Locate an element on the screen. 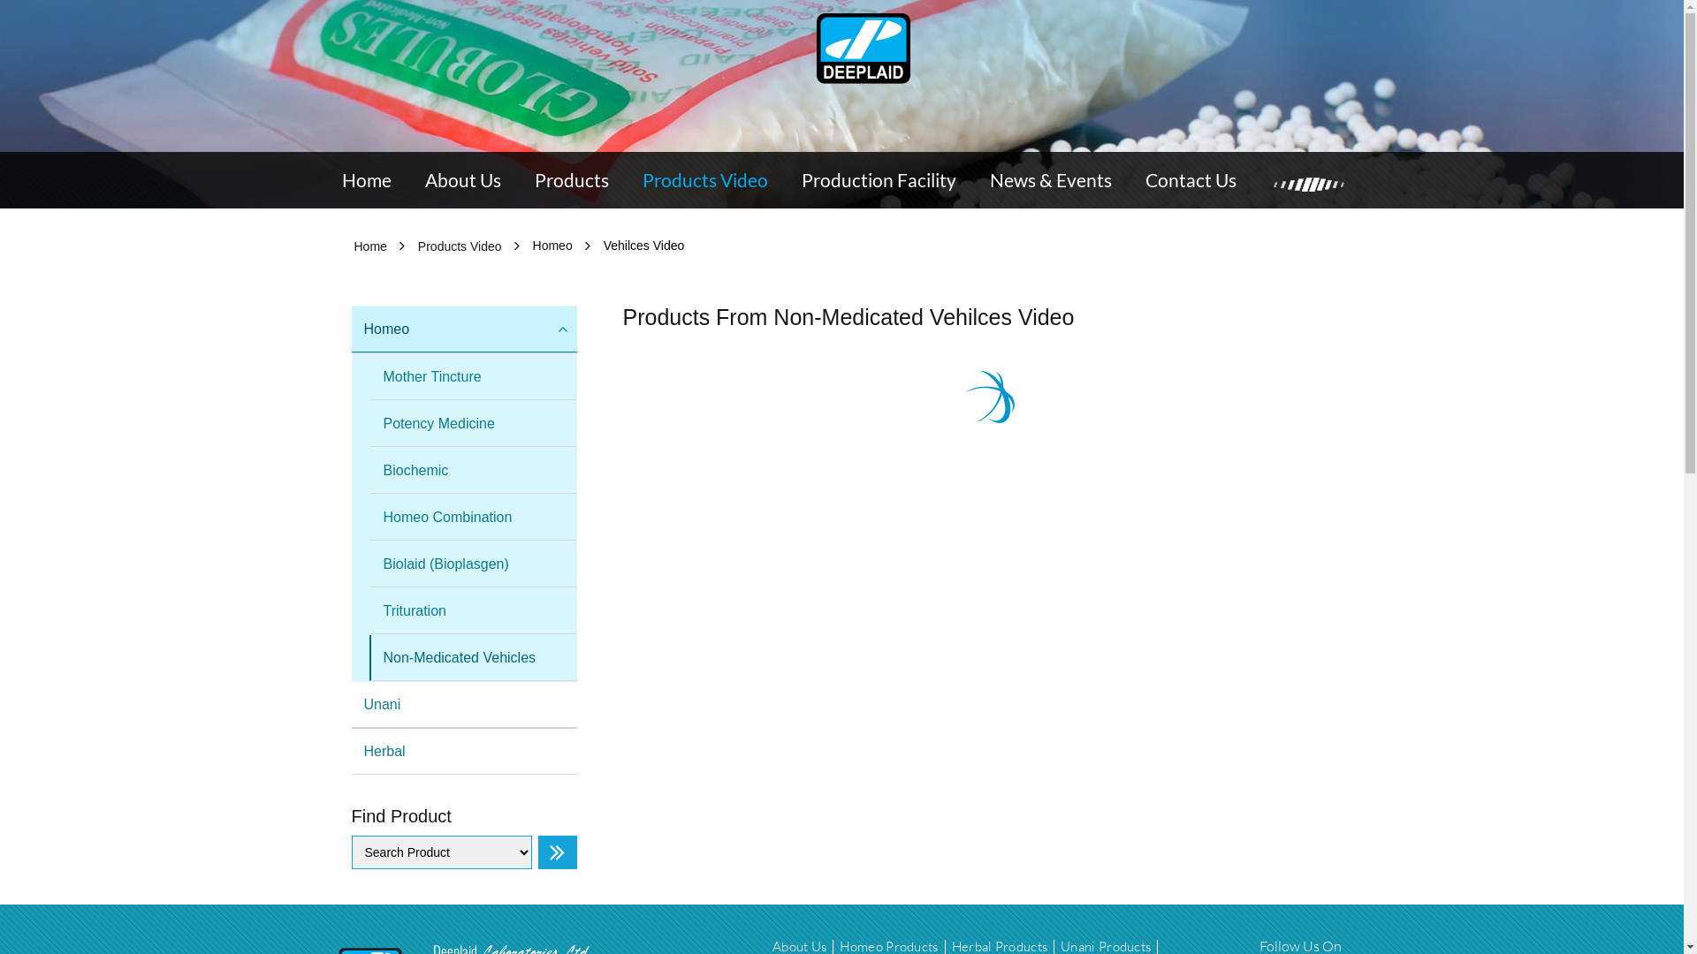  'News & Events' is located at coordinates (1051, 180).